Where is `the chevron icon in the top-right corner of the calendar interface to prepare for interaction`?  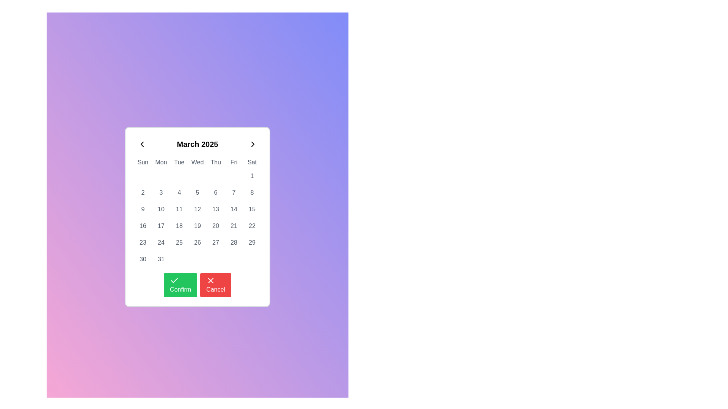
the chevron icon in the top-right corner of the calendar interface to prepare for interaction is located at coordinates (253, 144).